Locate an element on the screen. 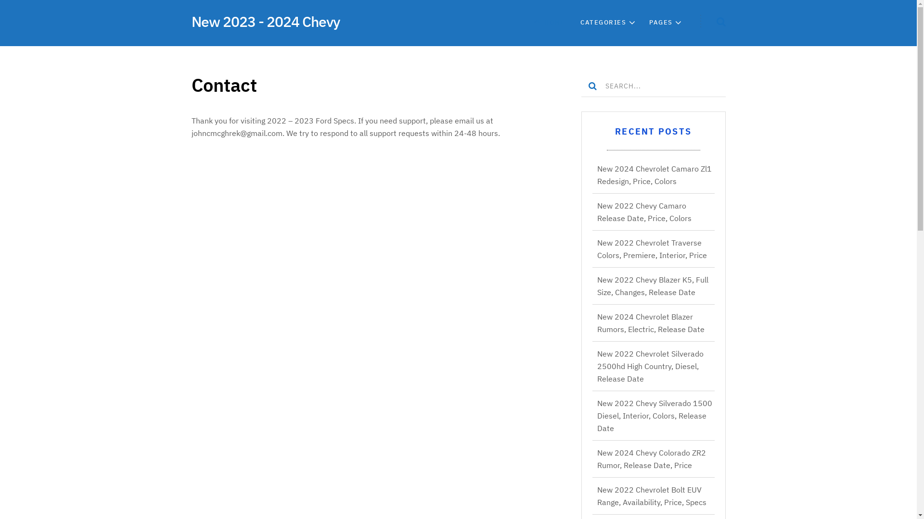  'New 2022 Chevy Camaro Release Date, Price, Colors' is located at coordinates (644, 211).